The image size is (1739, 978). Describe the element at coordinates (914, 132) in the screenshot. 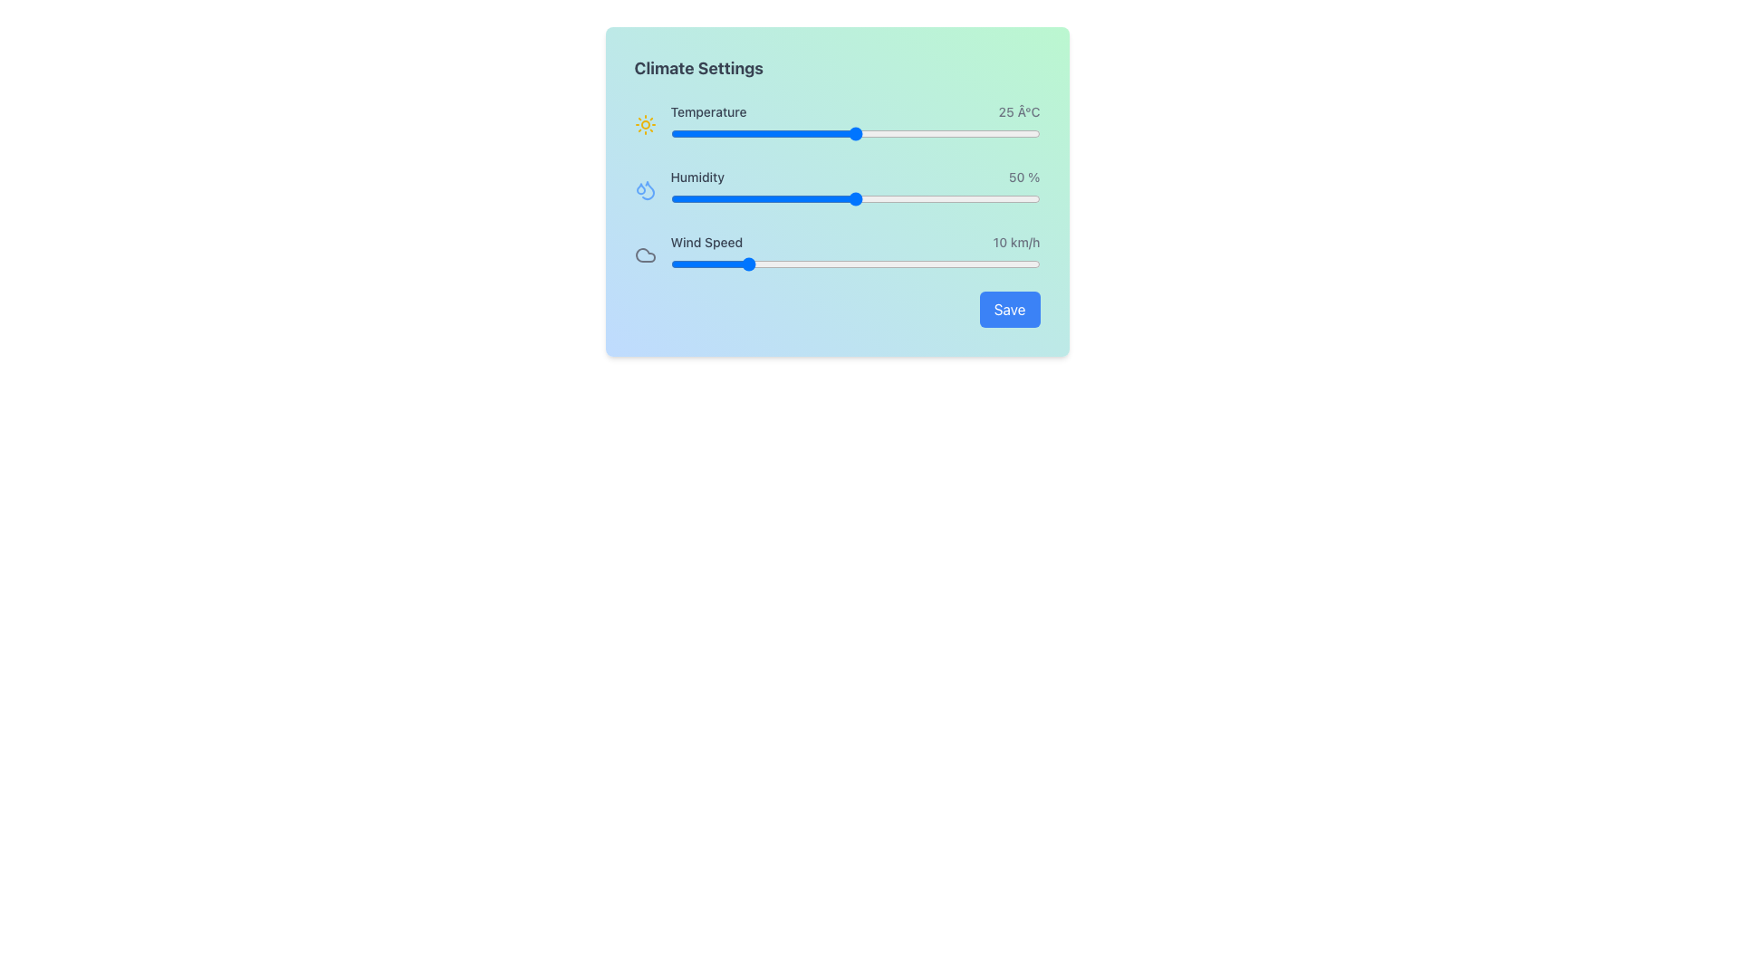

I see `the temperature slider` at that location.